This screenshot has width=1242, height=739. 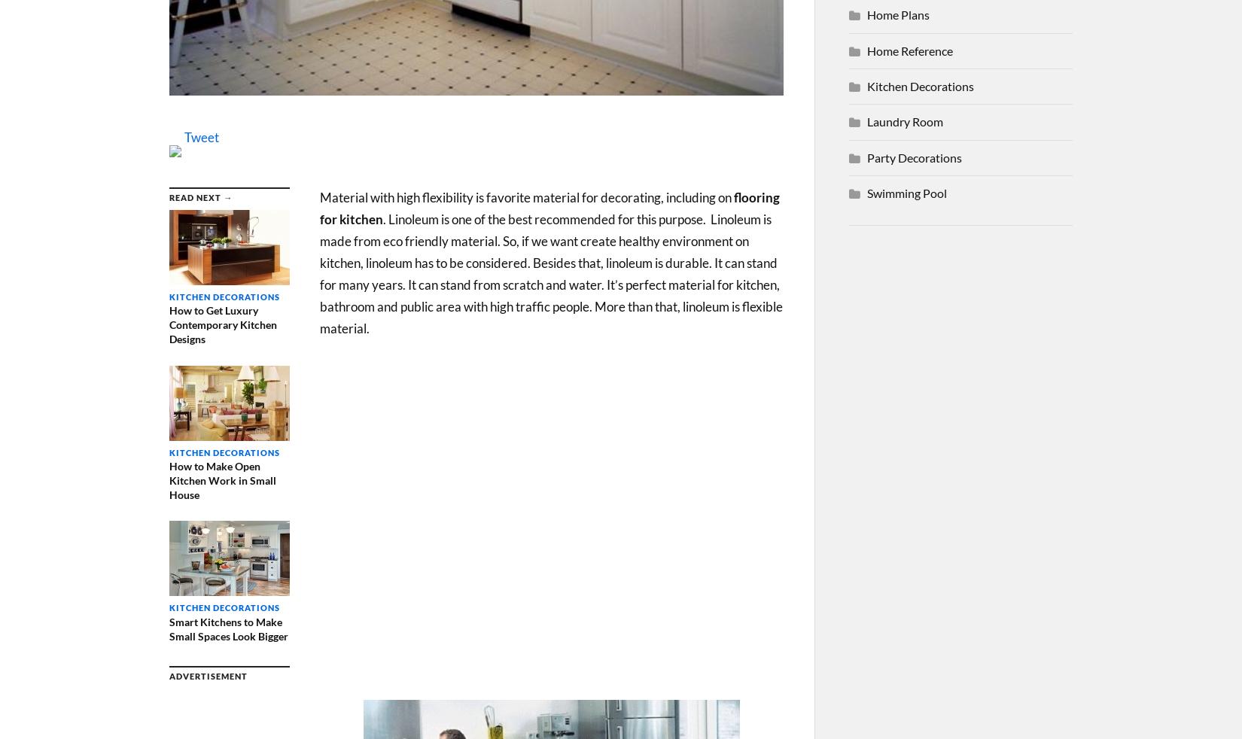 I want to click on 'Read Next →', so click(x=200, y=197).